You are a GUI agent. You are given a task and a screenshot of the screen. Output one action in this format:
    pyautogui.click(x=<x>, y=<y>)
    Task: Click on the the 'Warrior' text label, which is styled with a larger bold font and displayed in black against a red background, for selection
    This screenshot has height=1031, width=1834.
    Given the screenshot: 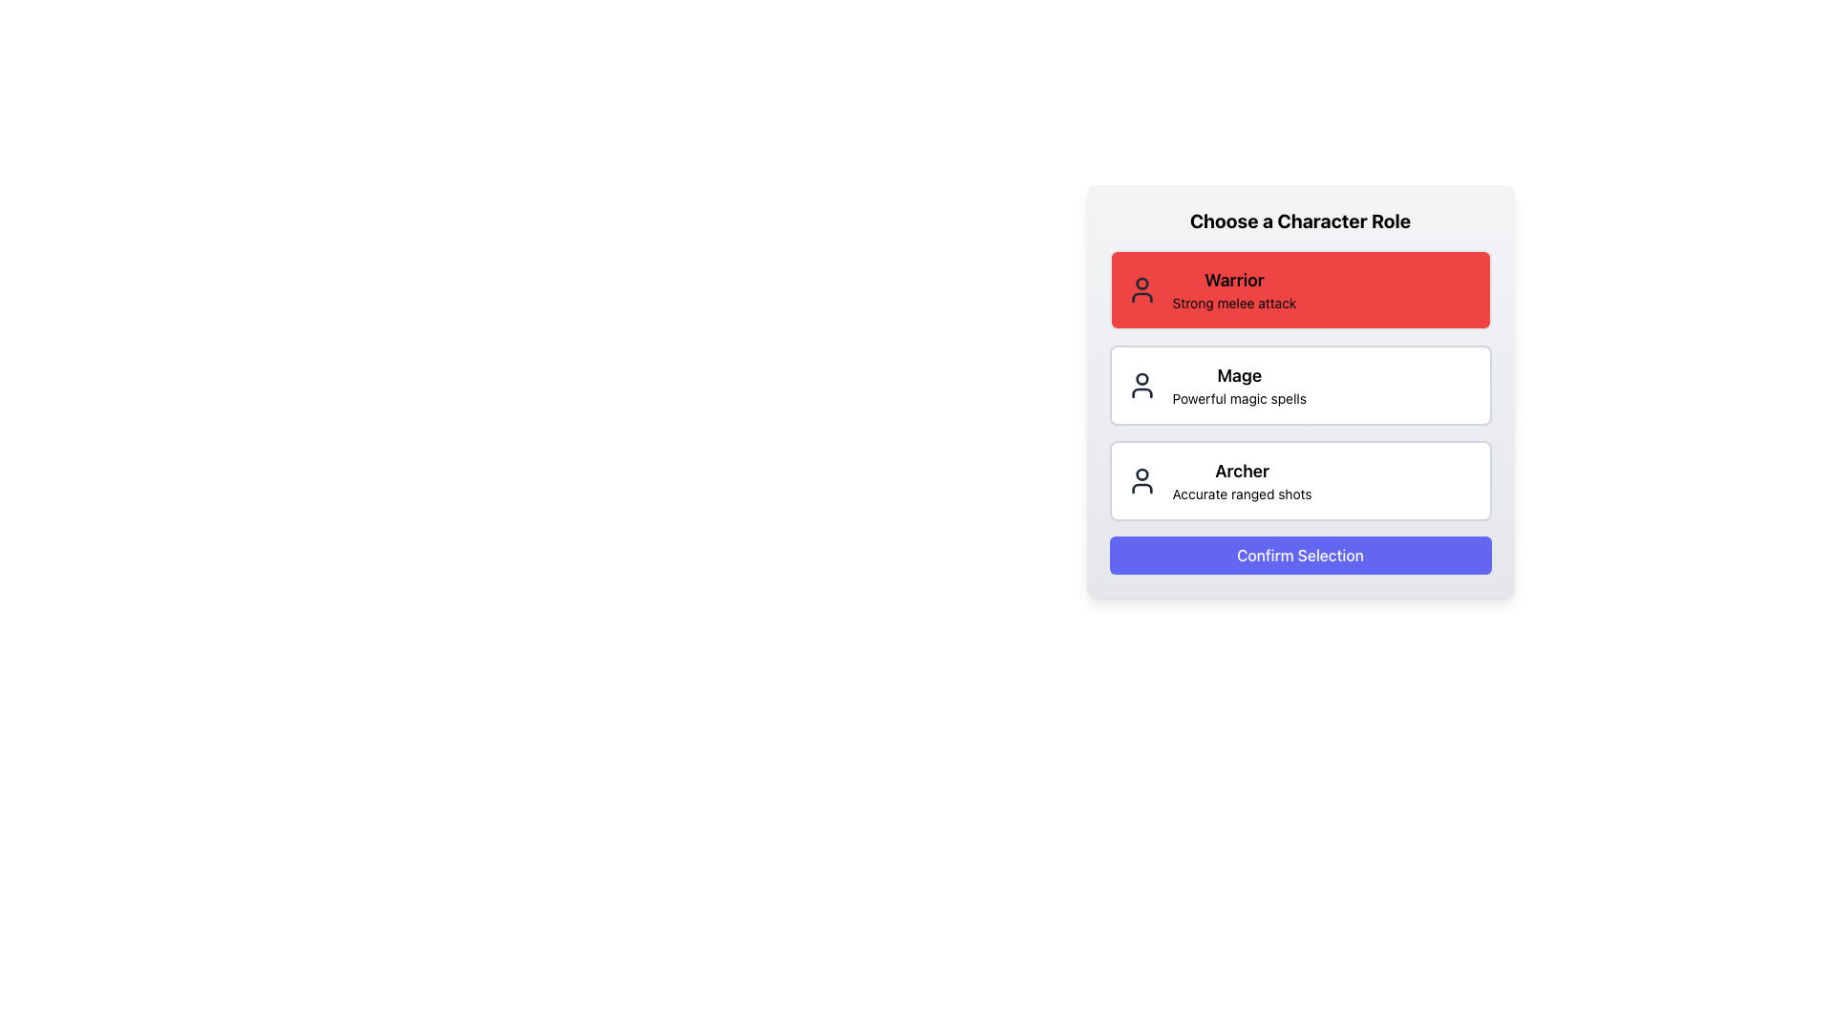 What is the action you would take?
    pyautogui.click(x=1233, y=280)
    